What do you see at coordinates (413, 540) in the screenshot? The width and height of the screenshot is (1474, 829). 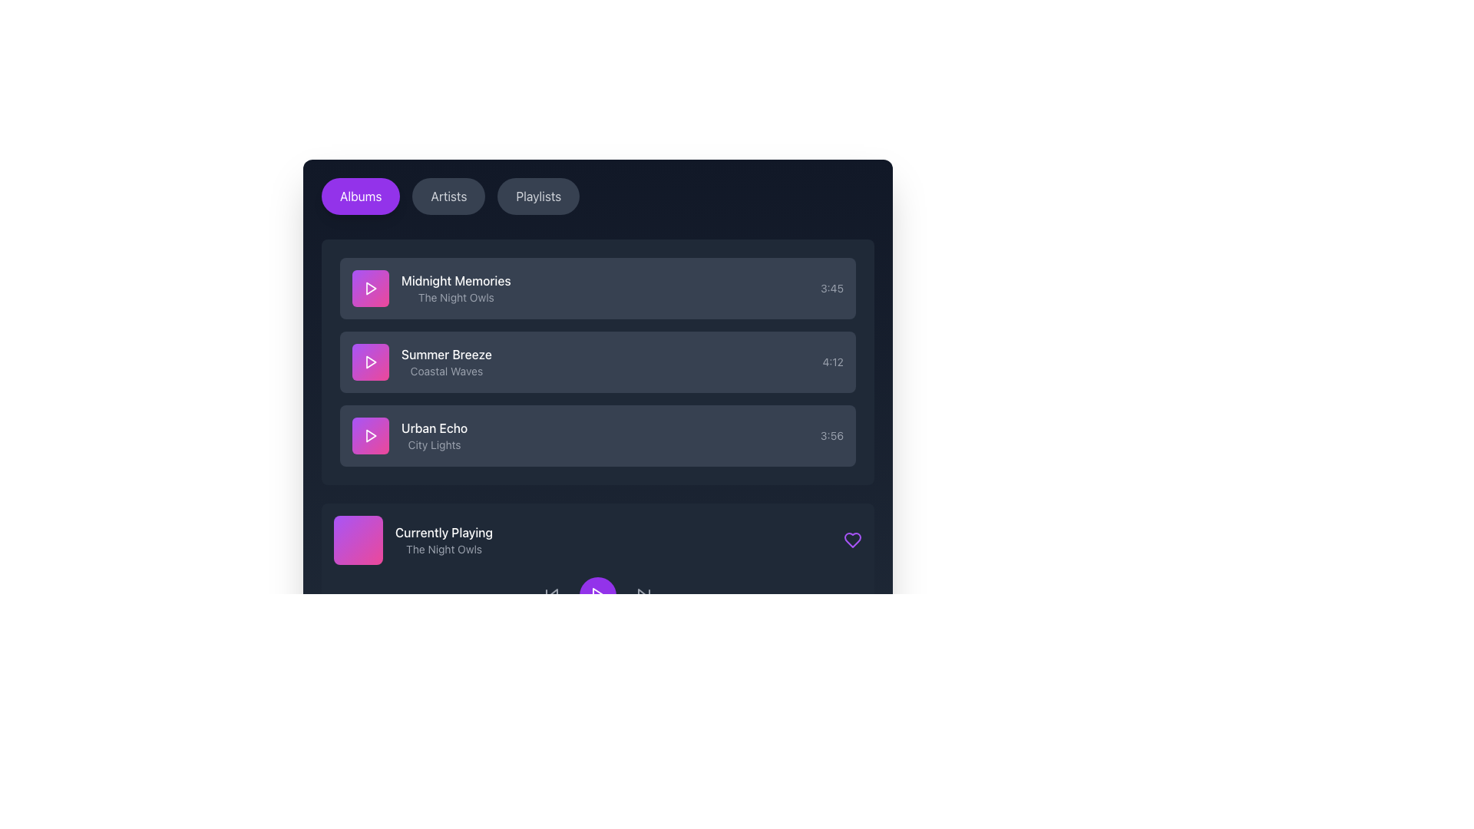 I see `the Informational display block showing 'Currently Playing' and 'The Night Owls' in a music application interface as a reference` at bounding box center [413, 540].